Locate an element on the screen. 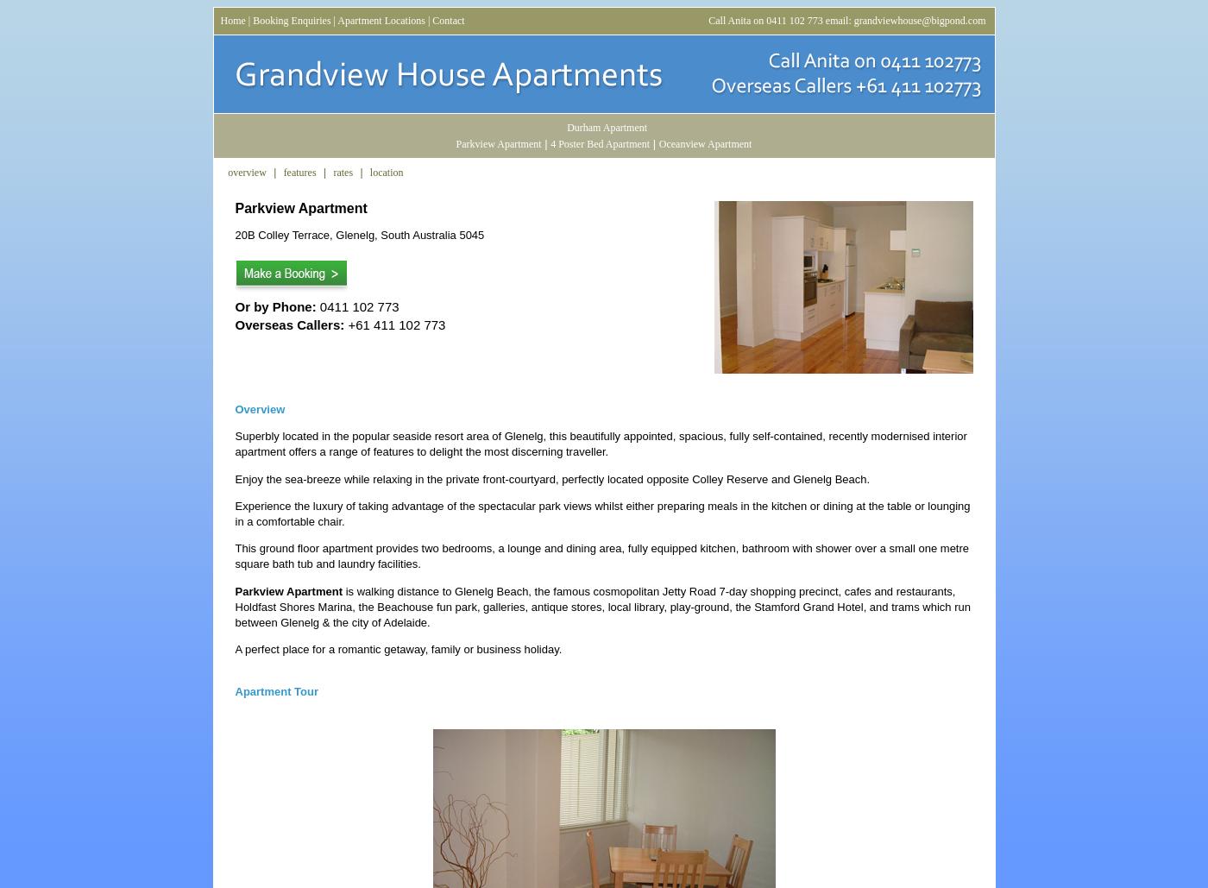 This screenshot has width=1208, height=888. 'features' is located at coordinates (299, 173).